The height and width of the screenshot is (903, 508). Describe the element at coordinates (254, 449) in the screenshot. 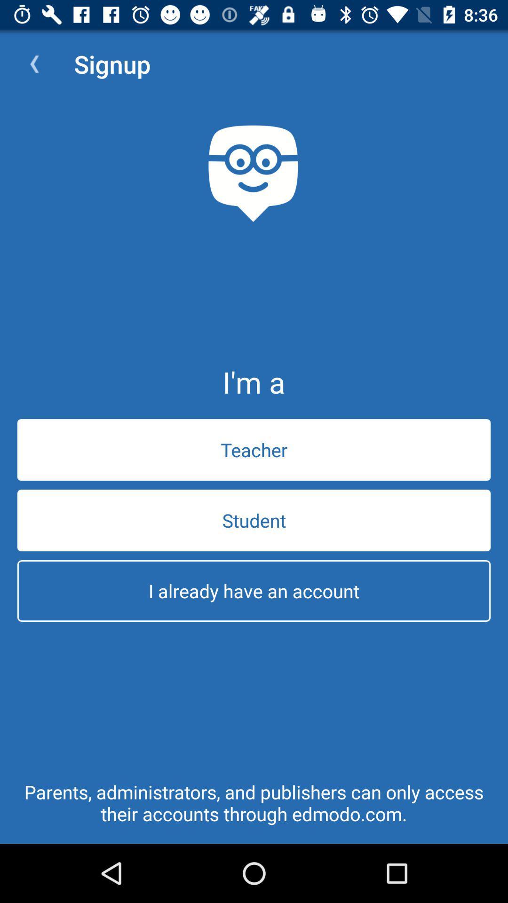

I see `teacher item` at that location.